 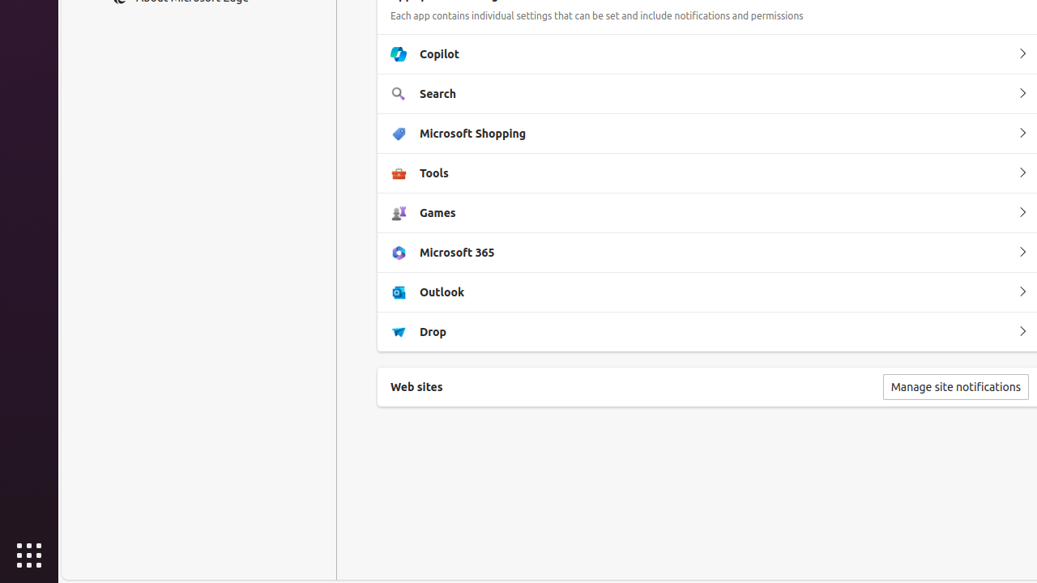 What do you see at coordinates (28, 555) in the screenshot?
I see `'Show Applications'` at bounding box center [28, 555].